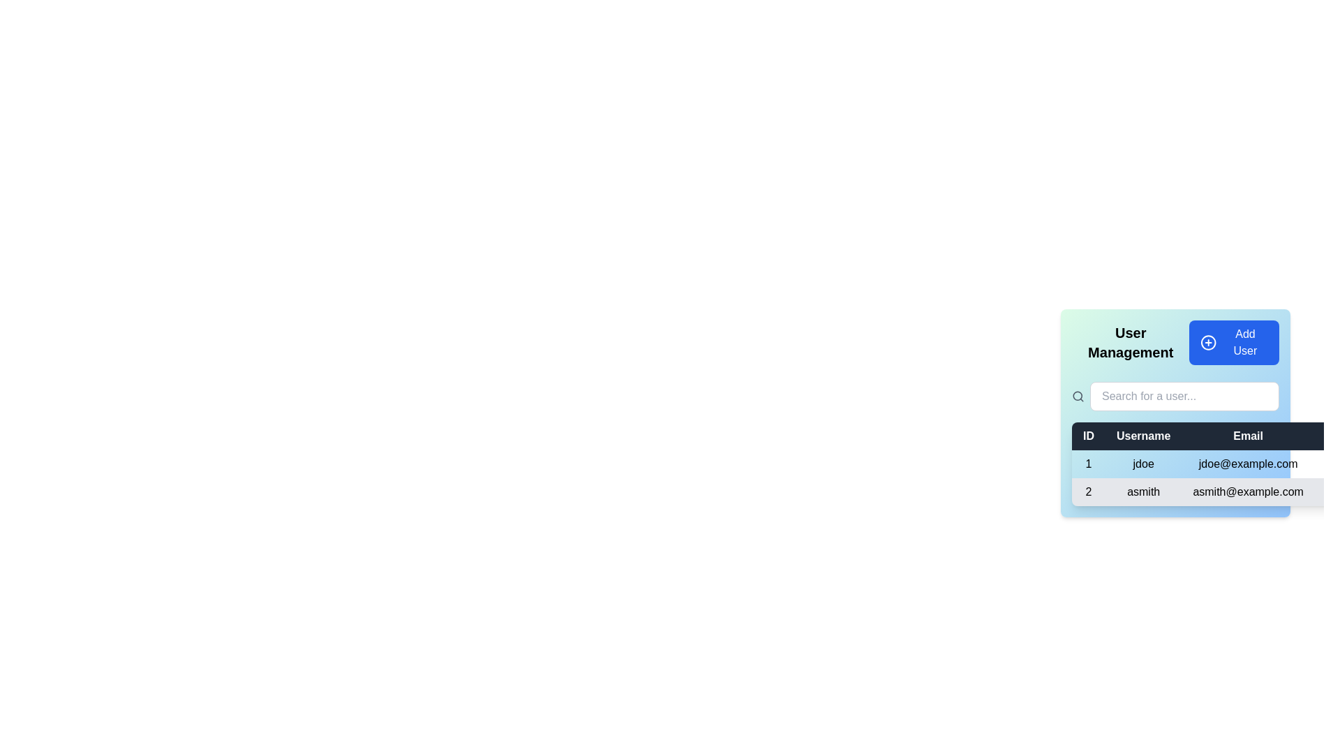  I want to click on the decorative SVG circle that visually indicates the search functionality within the user management modal, so click(1077, 396).